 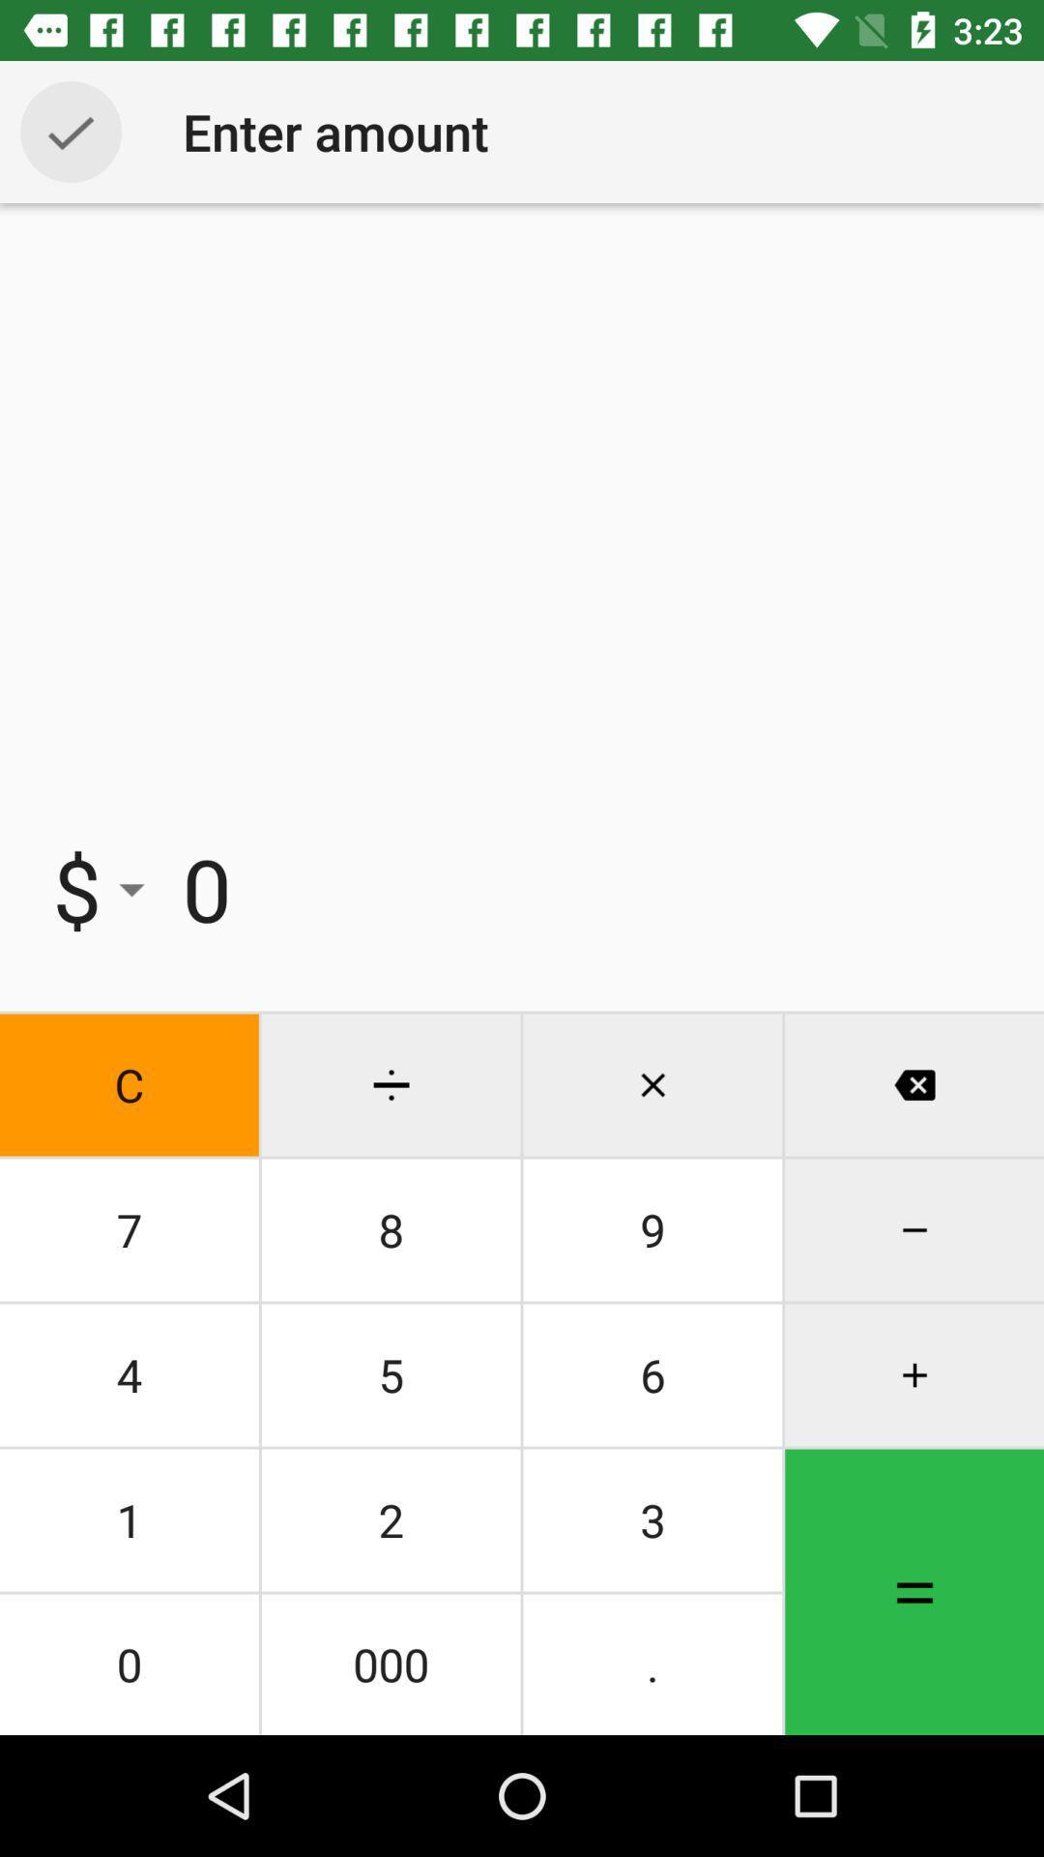 I want to click on icon above 4 item, so click(x=129, y=1229).